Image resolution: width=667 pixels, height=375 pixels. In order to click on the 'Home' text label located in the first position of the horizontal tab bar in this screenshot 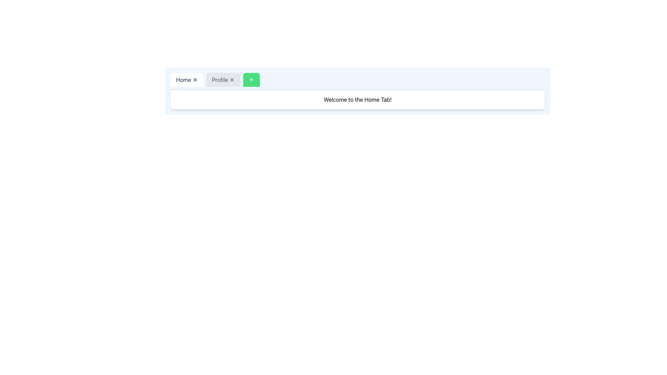, I will do `click(183, 80)`.